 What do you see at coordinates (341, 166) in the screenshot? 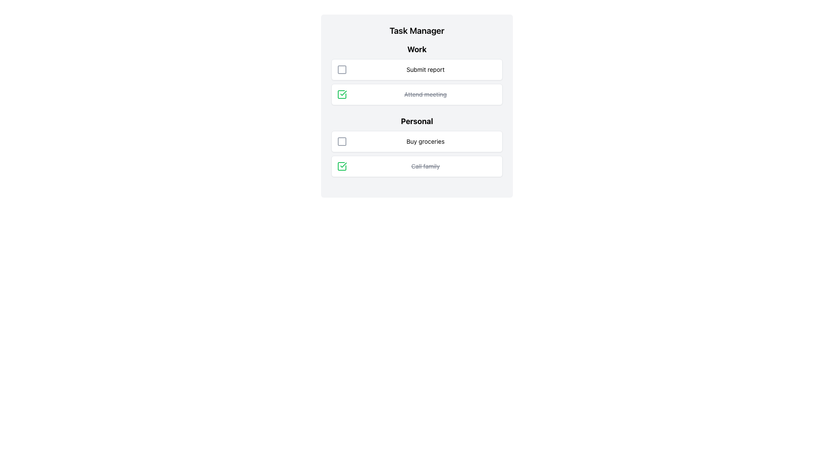
I see `the checkbox icon indicating the completion of the task 'Call family'` at bounding box center [341, 166].